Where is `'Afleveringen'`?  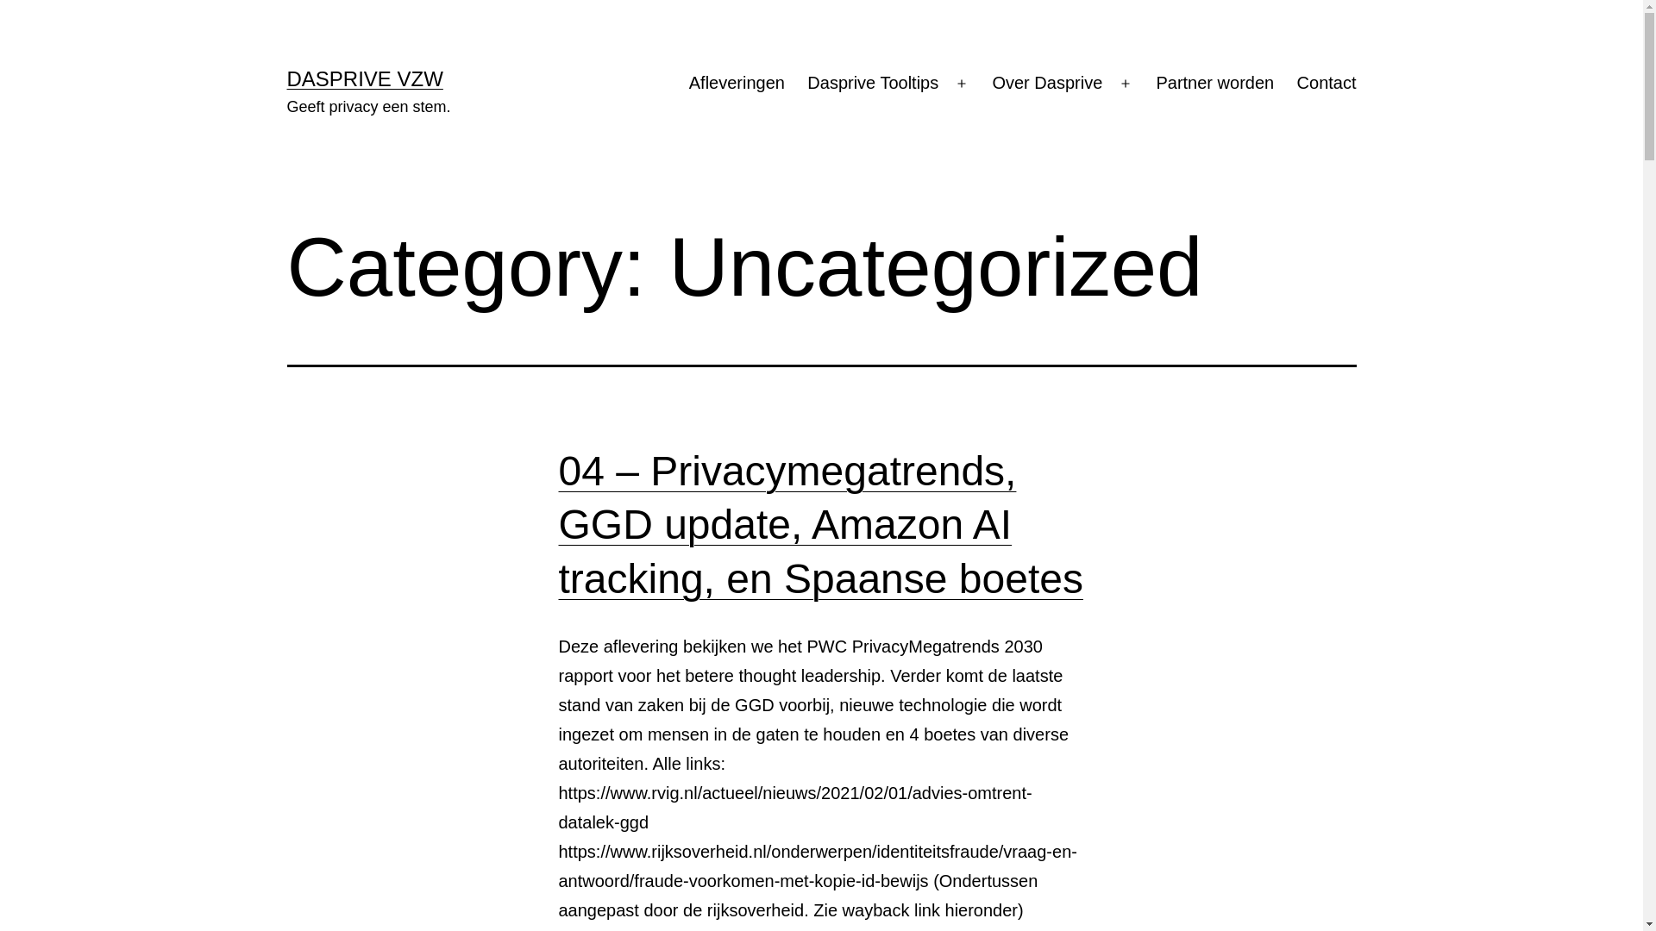
'Afleveringen' is located at coordinates (677, 83).